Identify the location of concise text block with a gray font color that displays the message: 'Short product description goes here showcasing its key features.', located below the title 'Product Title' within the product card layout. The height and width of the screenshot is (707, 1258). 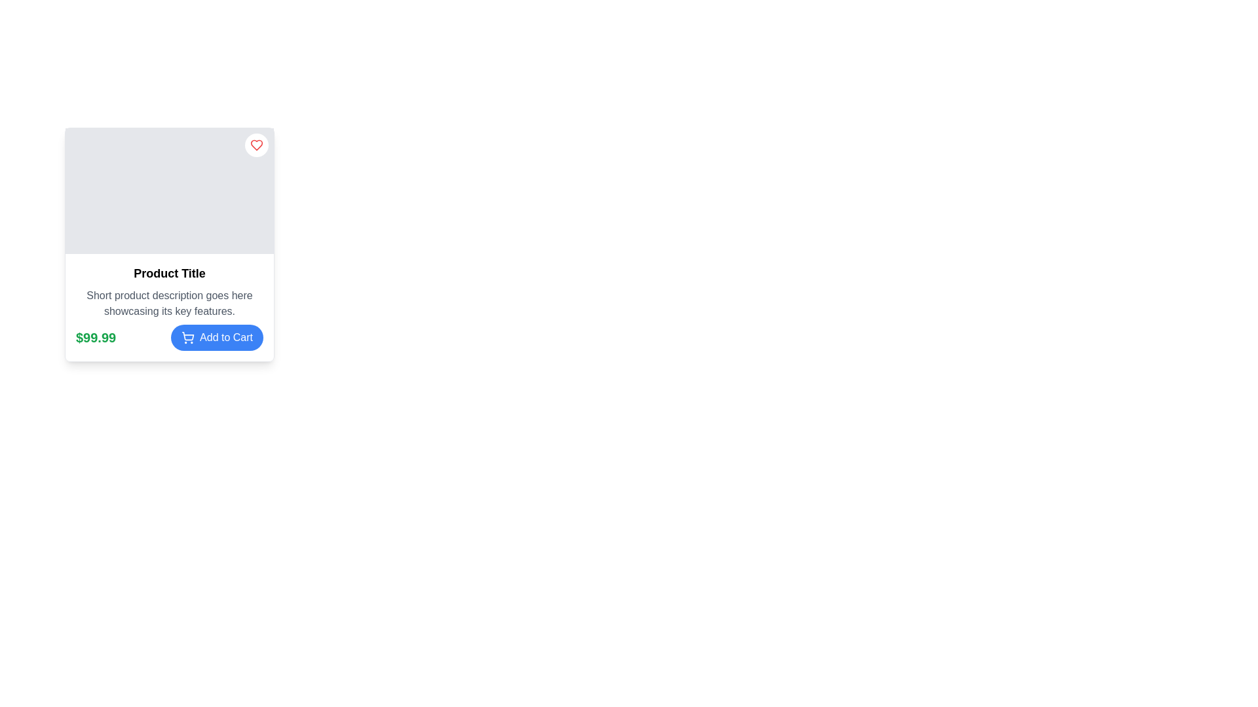
(169, 303).